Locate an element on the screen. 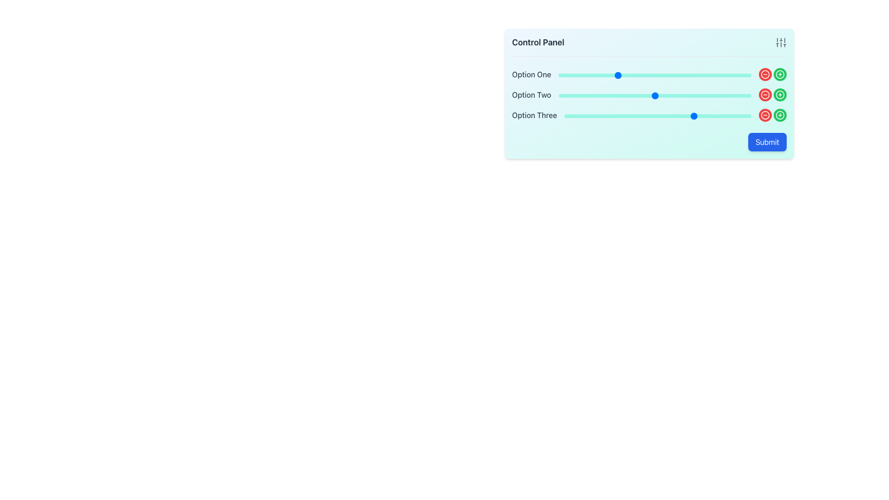 The image size is (889, 500). the slider value is located at coordinates (669, 115).